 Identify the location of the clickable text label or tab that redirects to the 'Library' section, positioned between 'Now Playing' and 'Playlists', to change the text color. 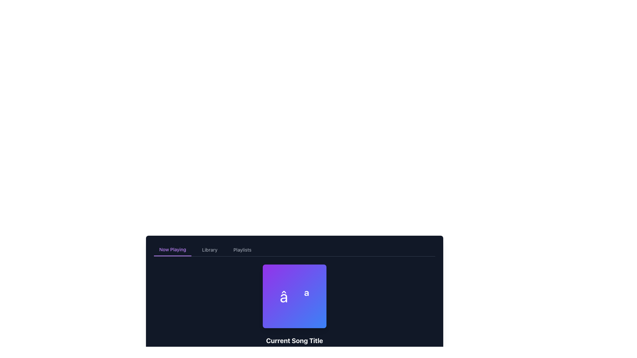
(209, 250).